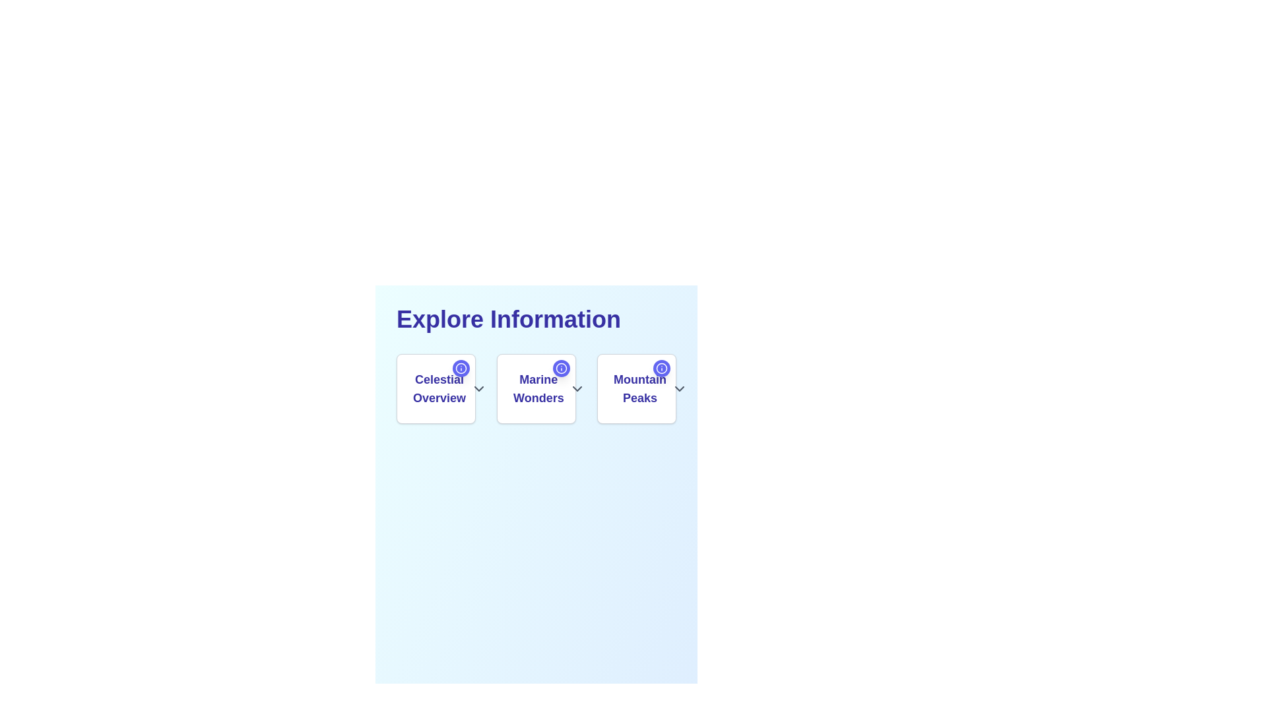  What do you see at coordinates (536, 388) in the screenshot?
I see `the 'Marine Wonders' text label displayed in bold, indigo font` at bounding box center [536, 388].